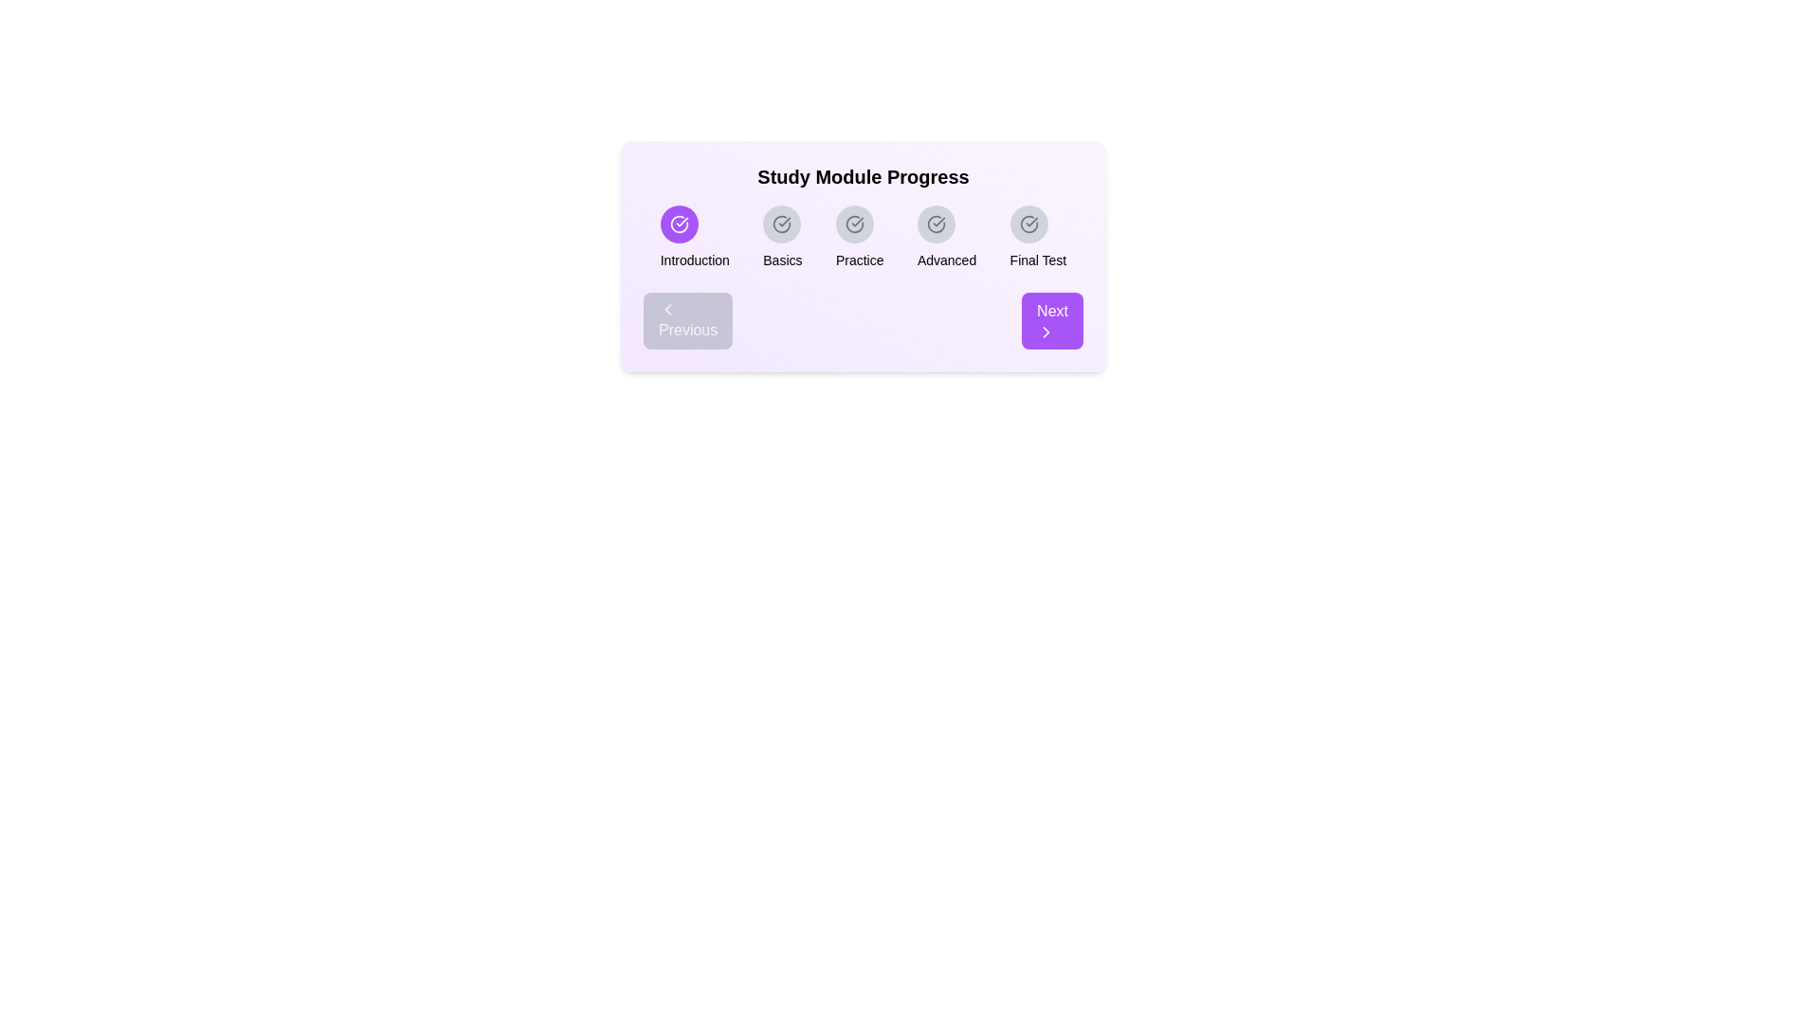 The height and width of the screenshot is (1023, 1820). What do you see at coordinates (782, 236) in the screenshot?
I see `the 'Basics' label with a circular checkmark icon in the 'Study Module Progress' section` at bounding box center [782, 236].